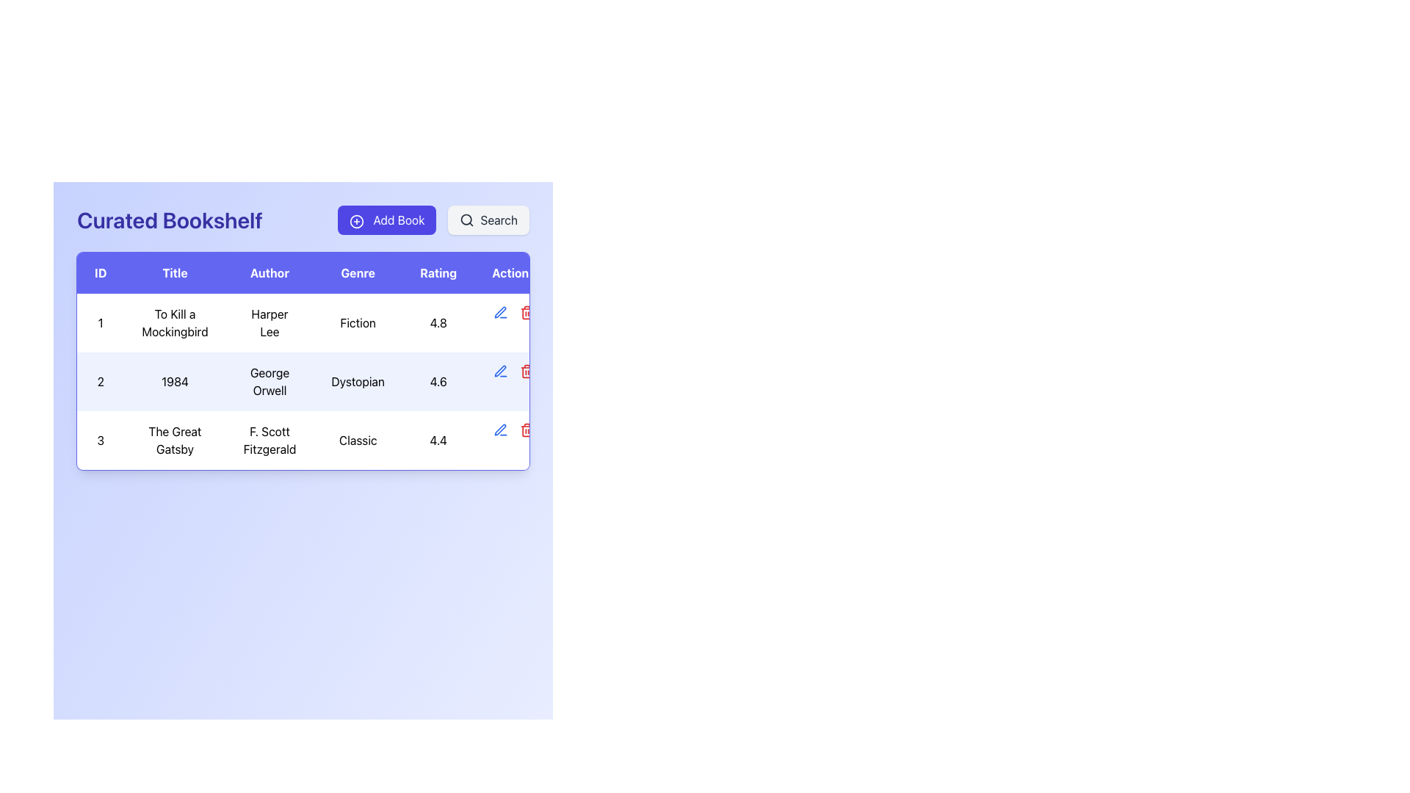 The image size is (1410, 793). I want to click on the static text label reading 'Curated Bookshelf', which is styled with a large font size and blue color, located prominently at the top-left of the interface, so click(170, 220).